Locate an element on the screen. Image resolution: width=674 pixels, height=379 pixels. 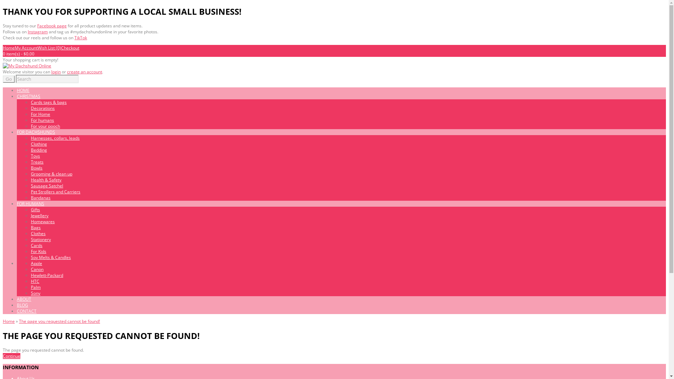
'Wish List (0)' is located at coordinates (49, 47).